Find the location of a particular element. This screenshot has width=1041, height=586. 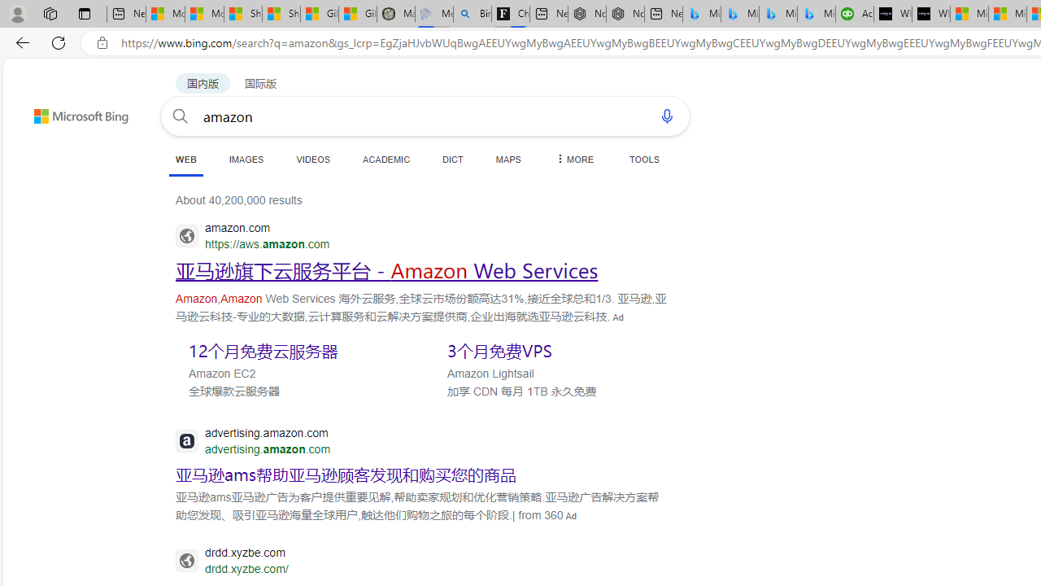

'Nordace - #1 Japanese Best-Seller - Siena Smart Backpack' is located at coordinates (625, 14).